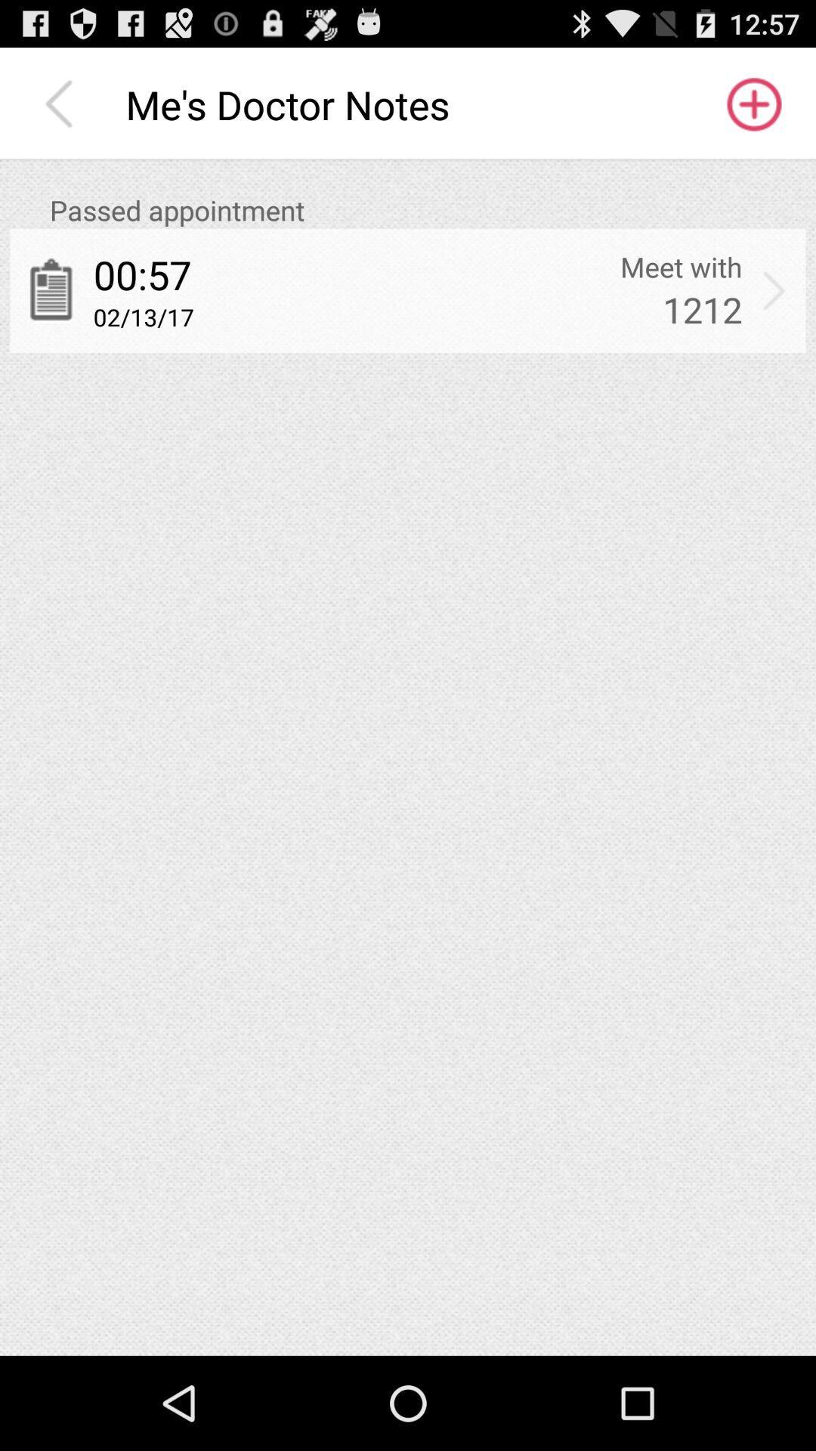 The height and width of the screenshot is (1451, 816). Describe the element at coordinates (702, 308) in the screenshot. I see `item below the meet with icon` at that location.